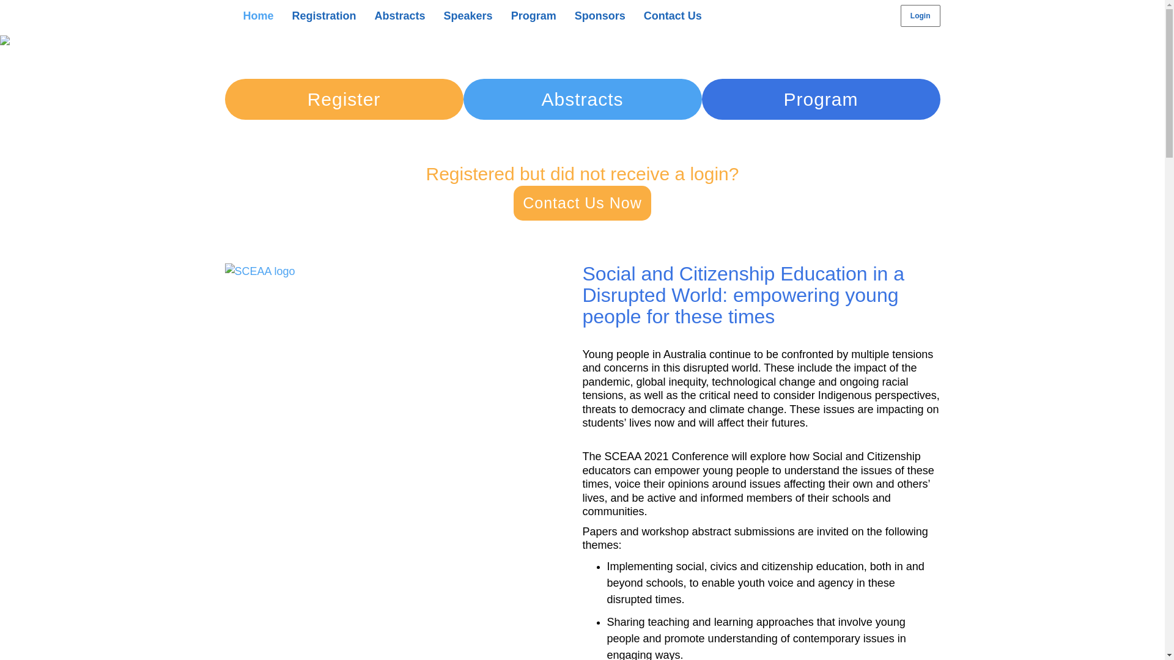 This screenshot has height=660, width=1174. Describe the element at coordinates (468, 16) in the screenshot. I see `'Speakers'` at that location.